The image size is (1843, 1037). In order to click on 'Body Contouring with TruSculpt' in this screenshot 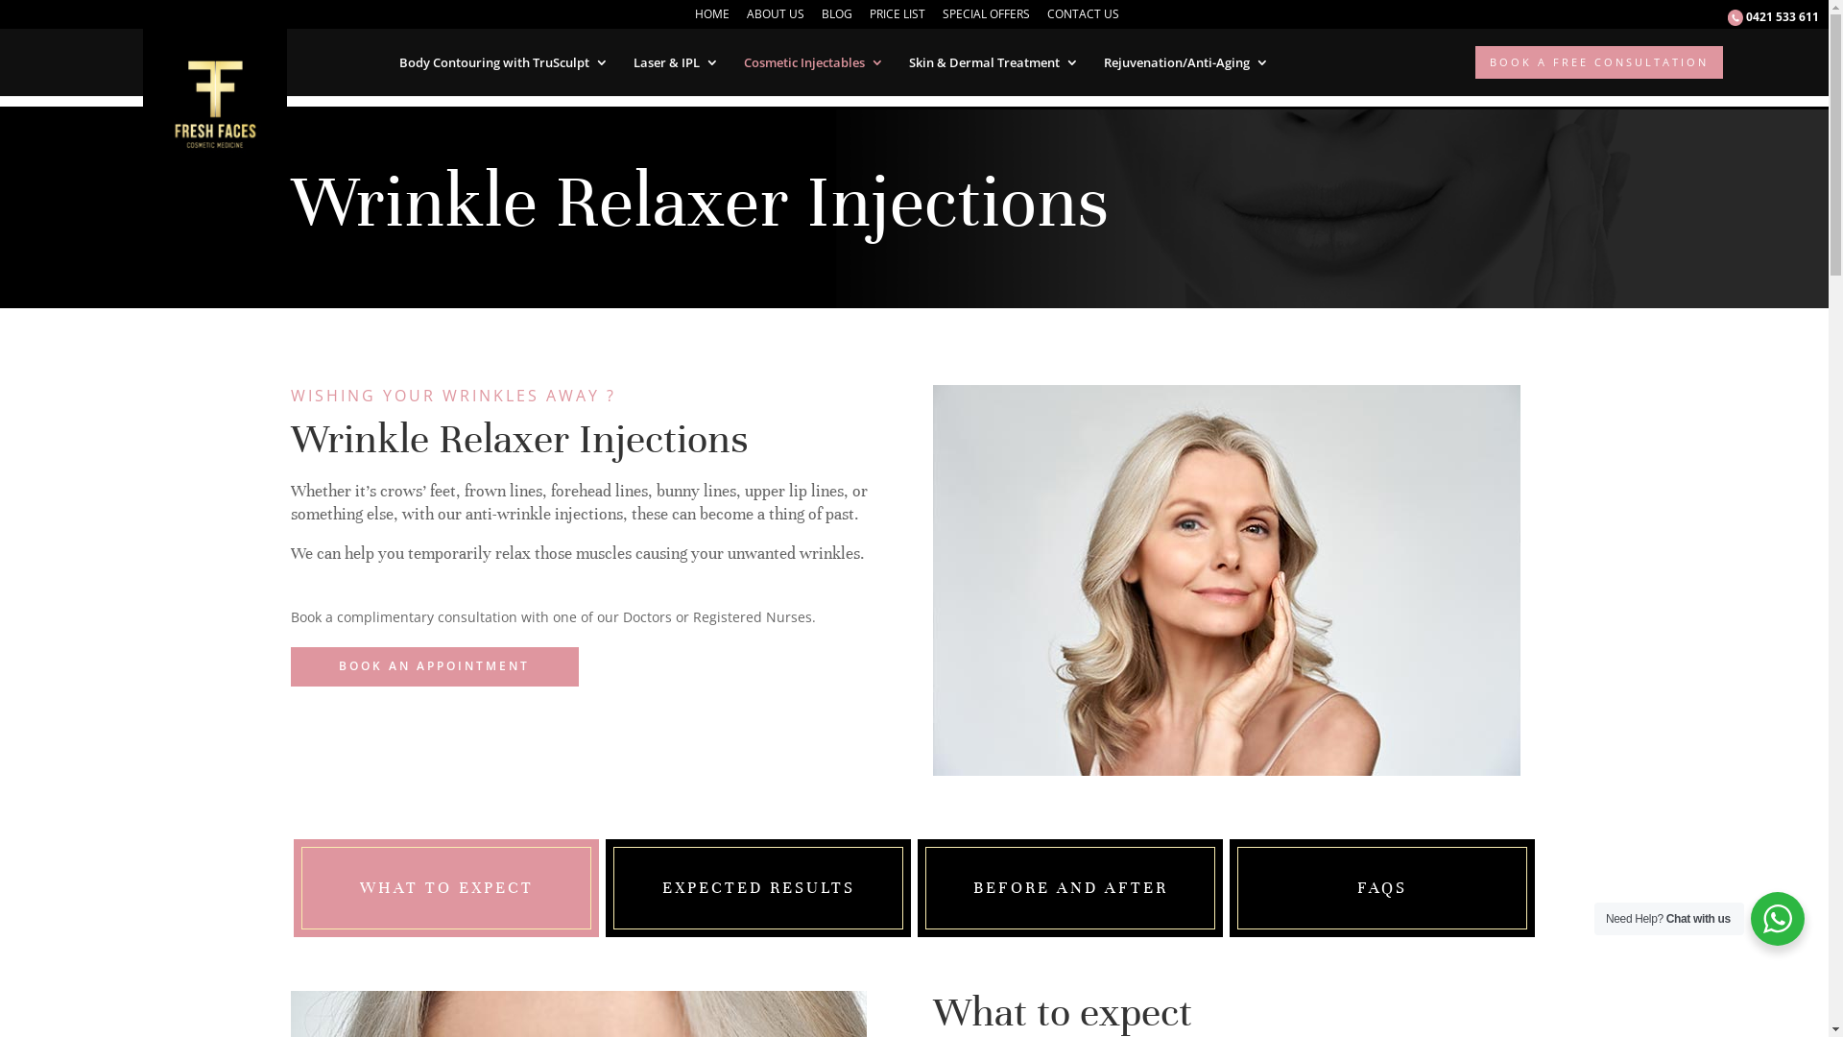, I will do `click(398, 61)`.